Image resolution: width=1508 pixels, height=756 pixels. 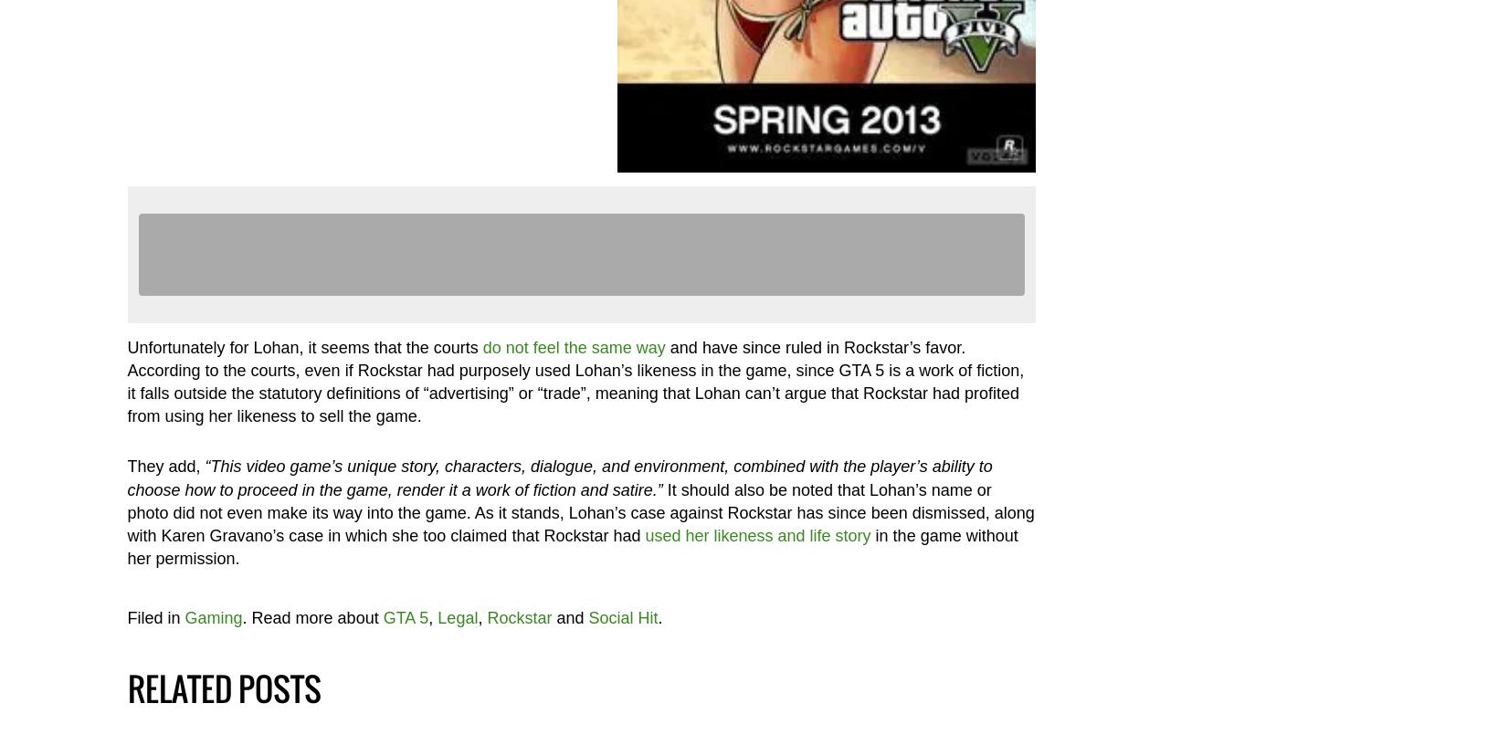 What do you see at coordinates (213, 616) in the screenshot?
I see `'Gaming'` at bounding box center [213, 616].